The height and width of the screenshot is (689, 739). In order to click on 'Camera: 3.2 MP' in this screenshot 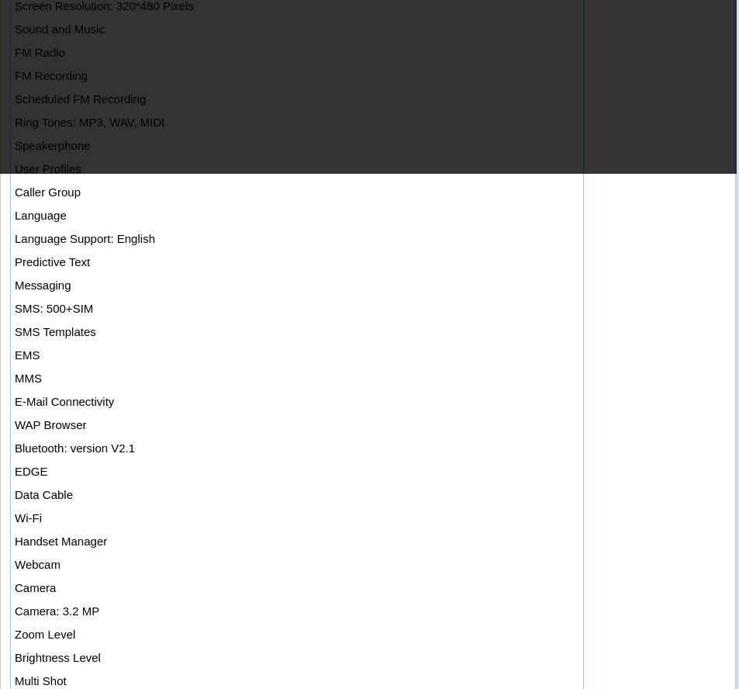, I will do `click(56, 611)`.